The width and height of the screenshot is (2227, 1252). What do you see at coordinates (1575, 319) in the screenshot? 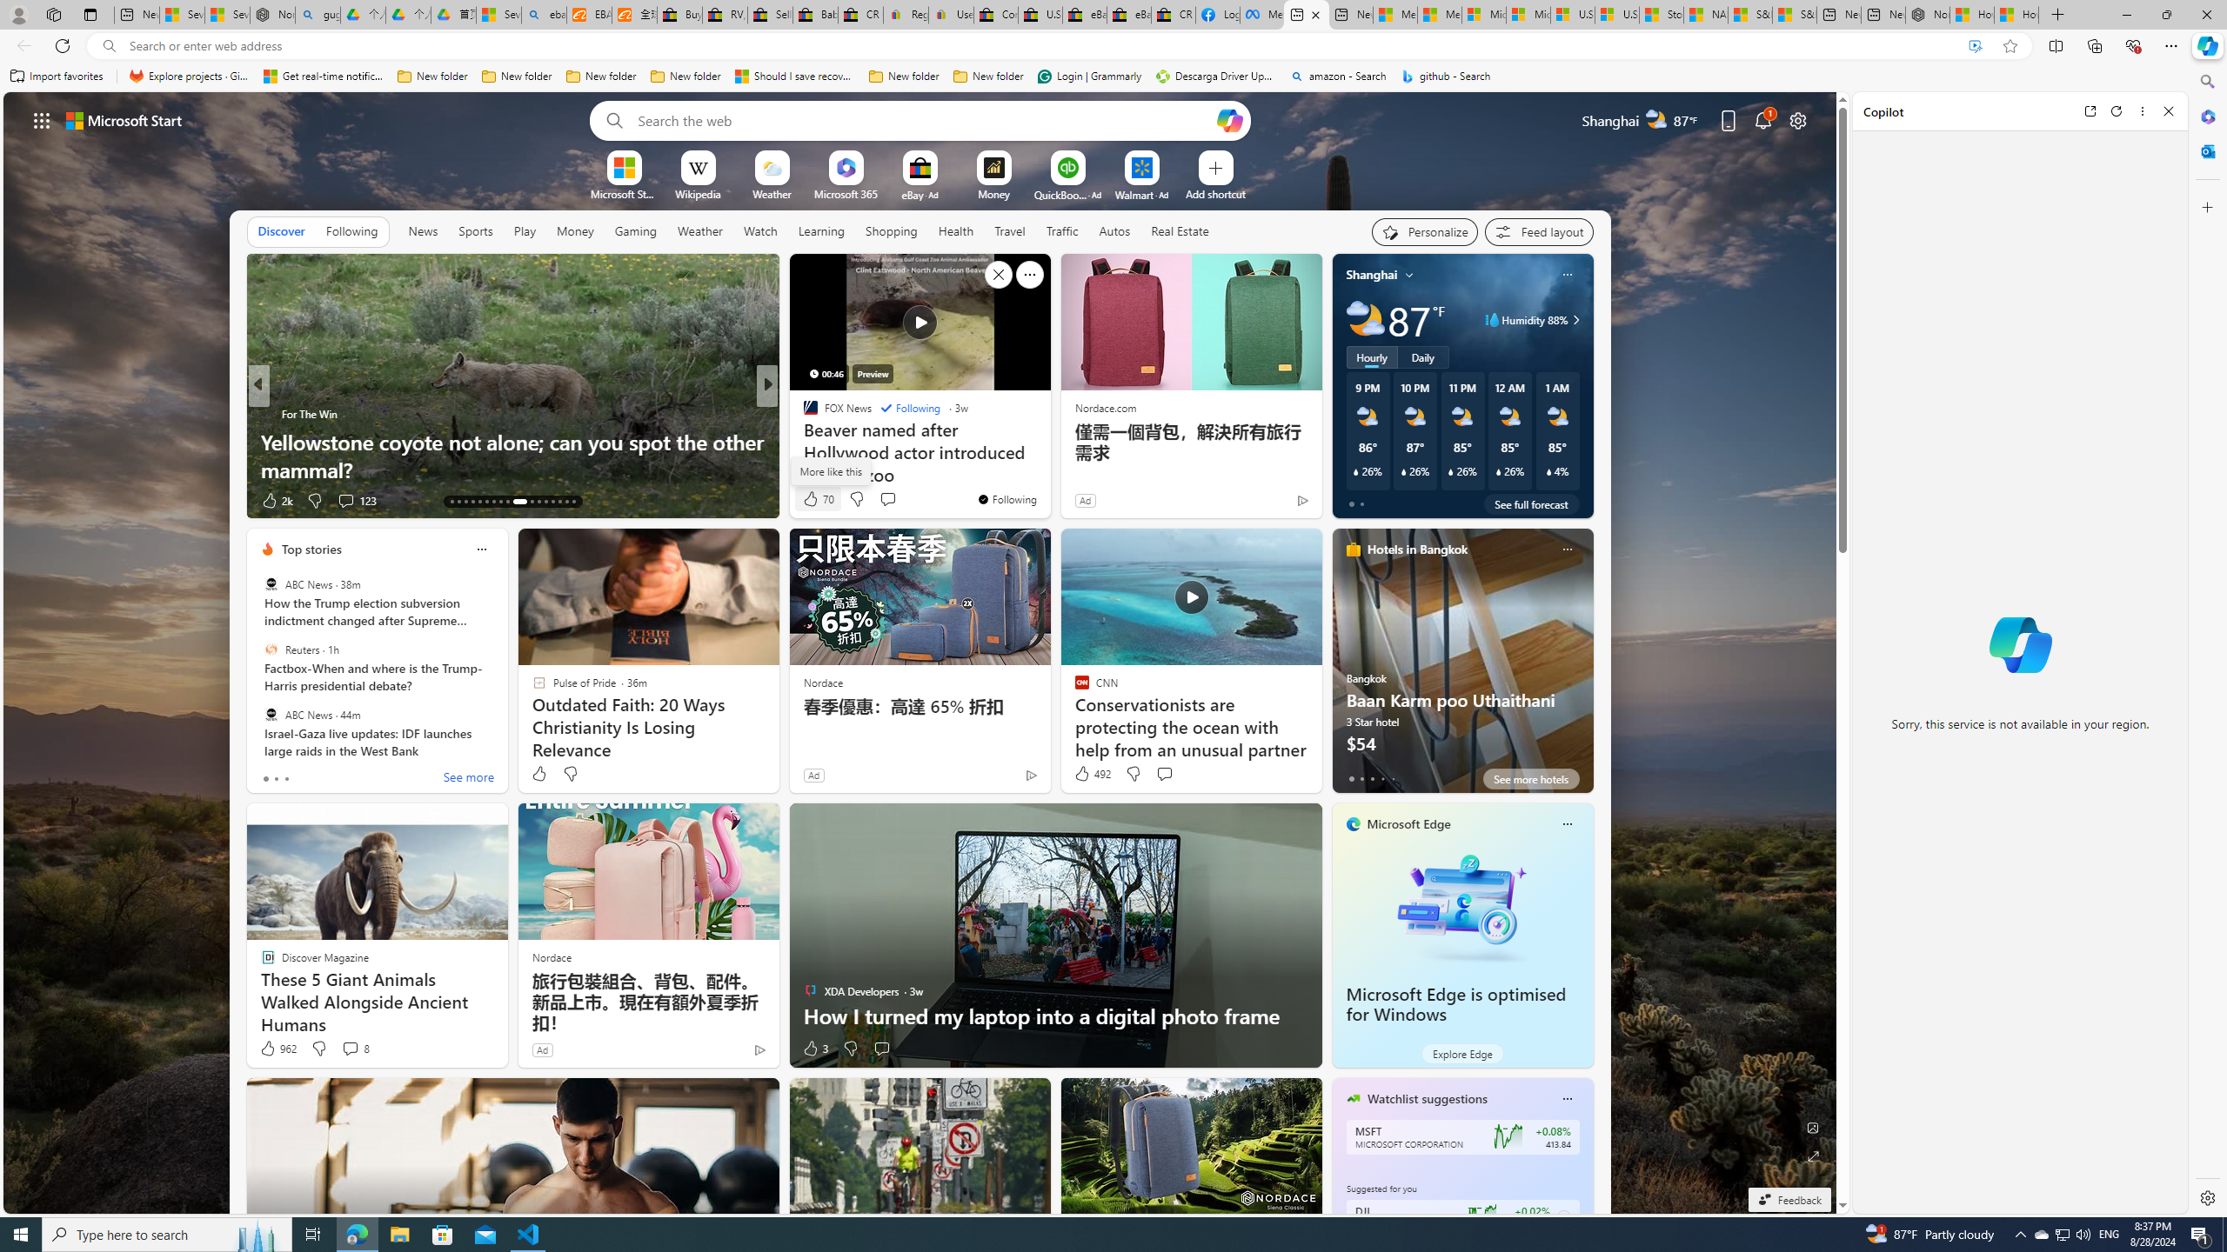
I see `'Class: weather-arrow-glyph'` at bounding box center [1575, 319].